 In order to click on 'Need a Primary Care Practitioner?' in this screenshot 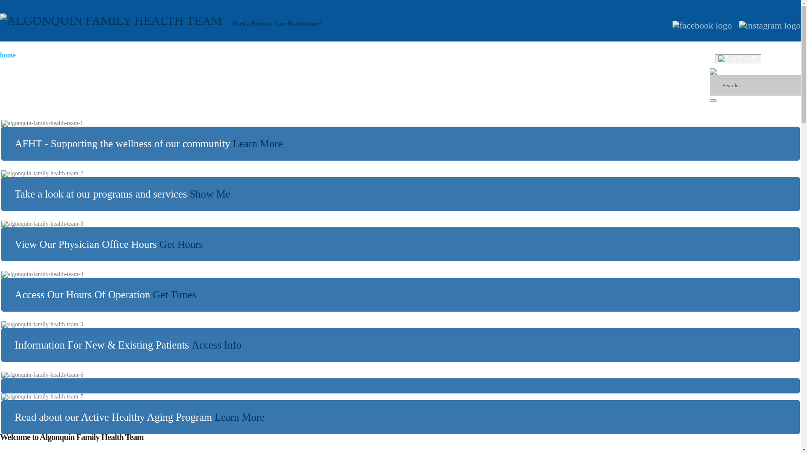, I will do `click(277, 23)`.